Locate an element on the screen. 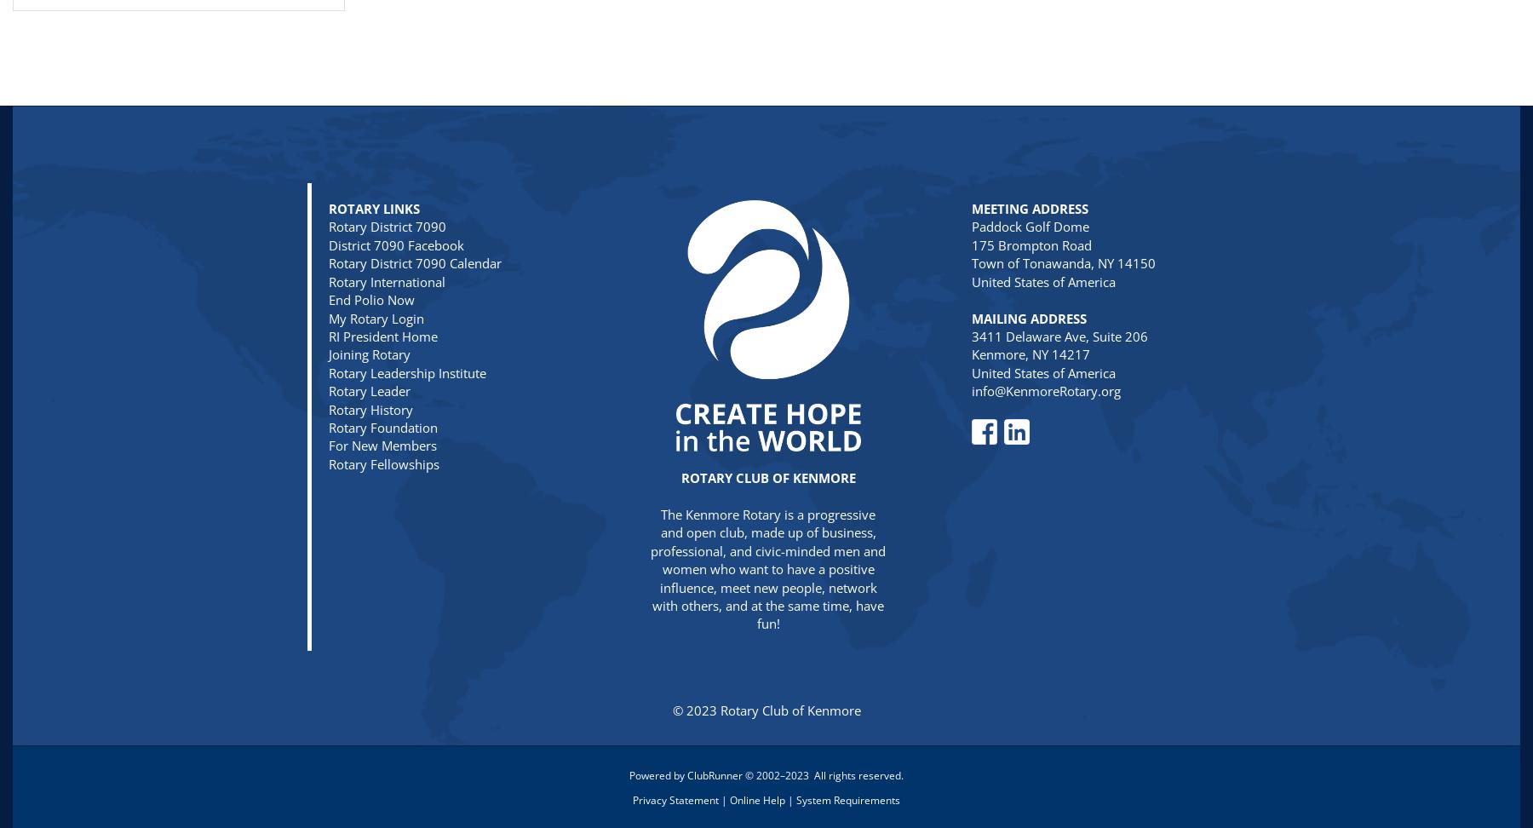  'Rotary Fellowships' is located at coordinates (383, 463).